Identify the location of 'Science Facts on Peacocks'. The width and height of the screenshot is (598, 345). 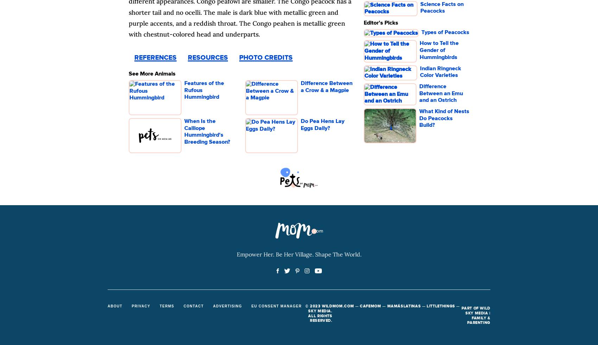
(441, 7).